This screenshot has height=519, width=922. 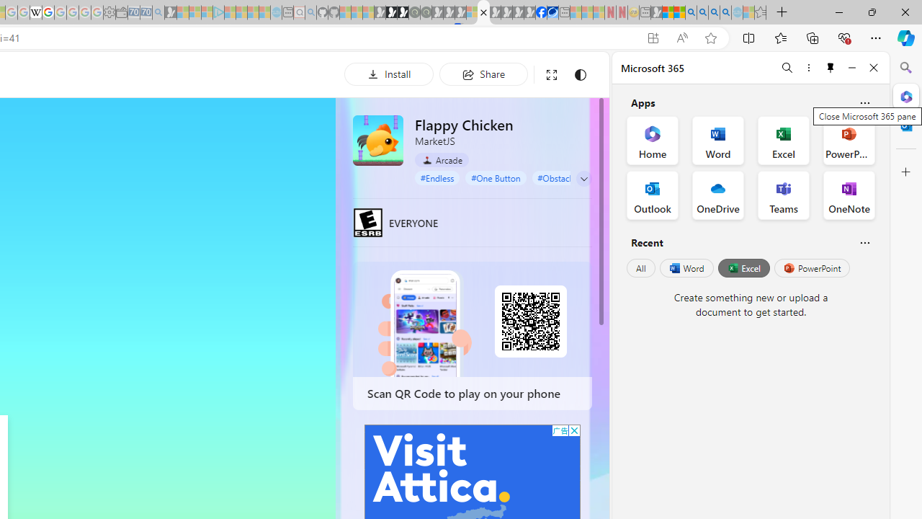 What do you see at coordinates (552, 12) in the screenshot?
I see `'AirNow.gov'` at bounding box center [552, 12].